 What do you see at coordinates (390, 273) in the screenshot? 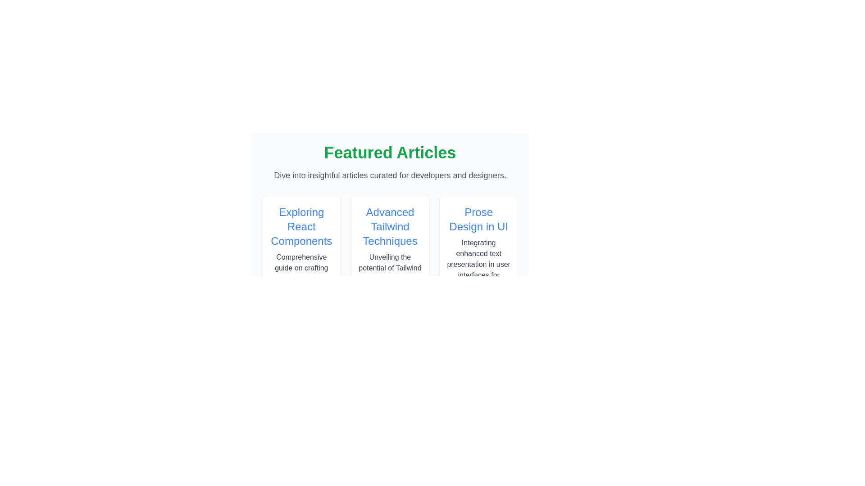
I see `the text block displaying 'Unveiling the potential of Tailwind CSS for rapid UI development', located below the header 'Advanced Tailwind Techniques'` at bounding box center [390, 273].